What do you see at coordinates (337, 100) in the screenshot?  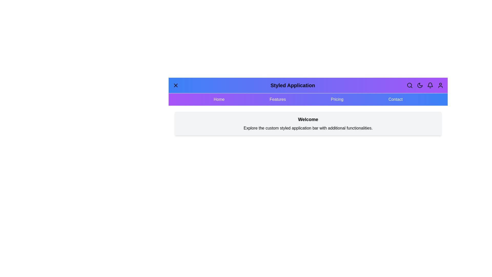 I see `the Pricing button to navigate to the respective section` at bounding box center [337, 100].